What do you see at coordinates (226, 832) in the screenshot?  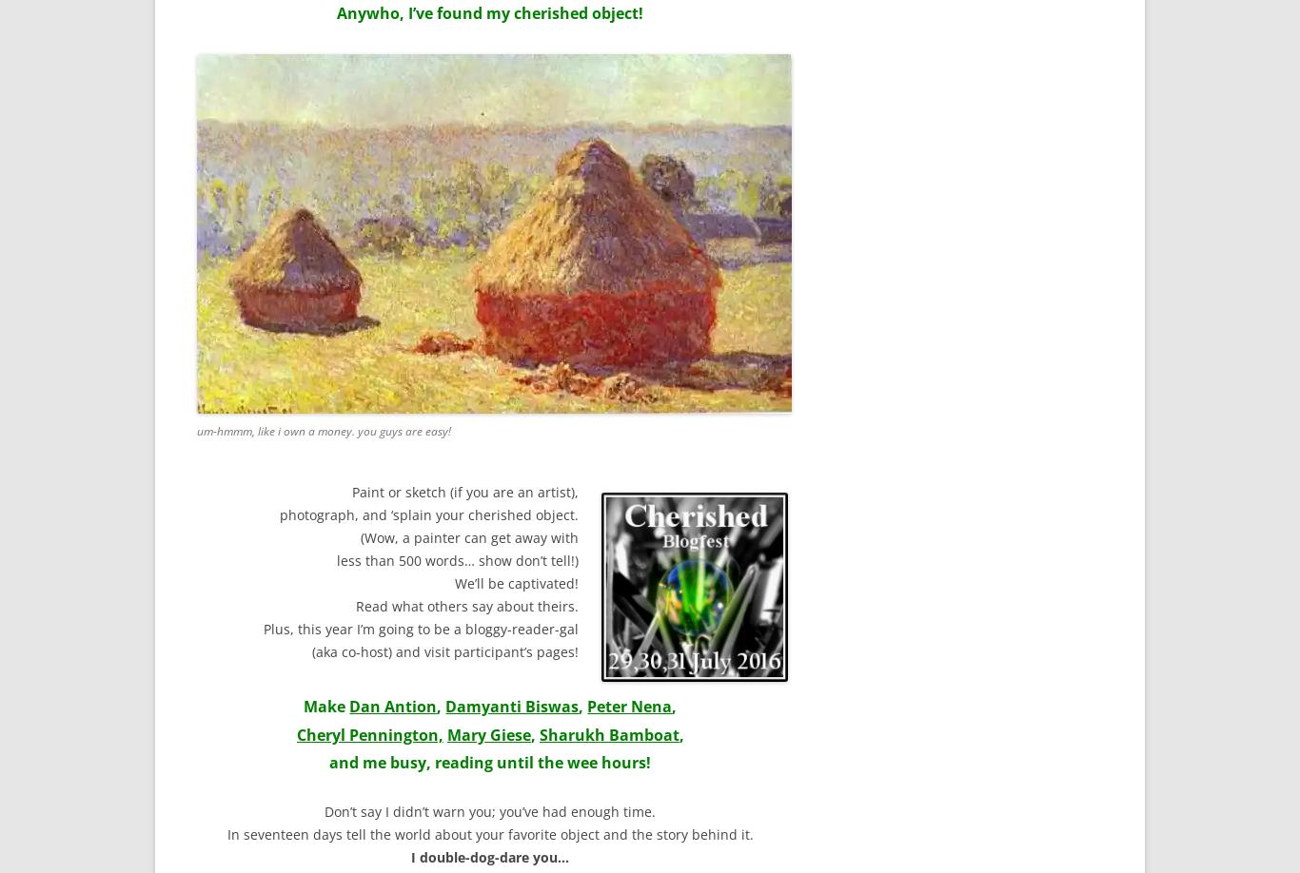 I see `'In seventeen days tell the world about your favorite object and the story behind it.'` at bounding box center [226, 832].